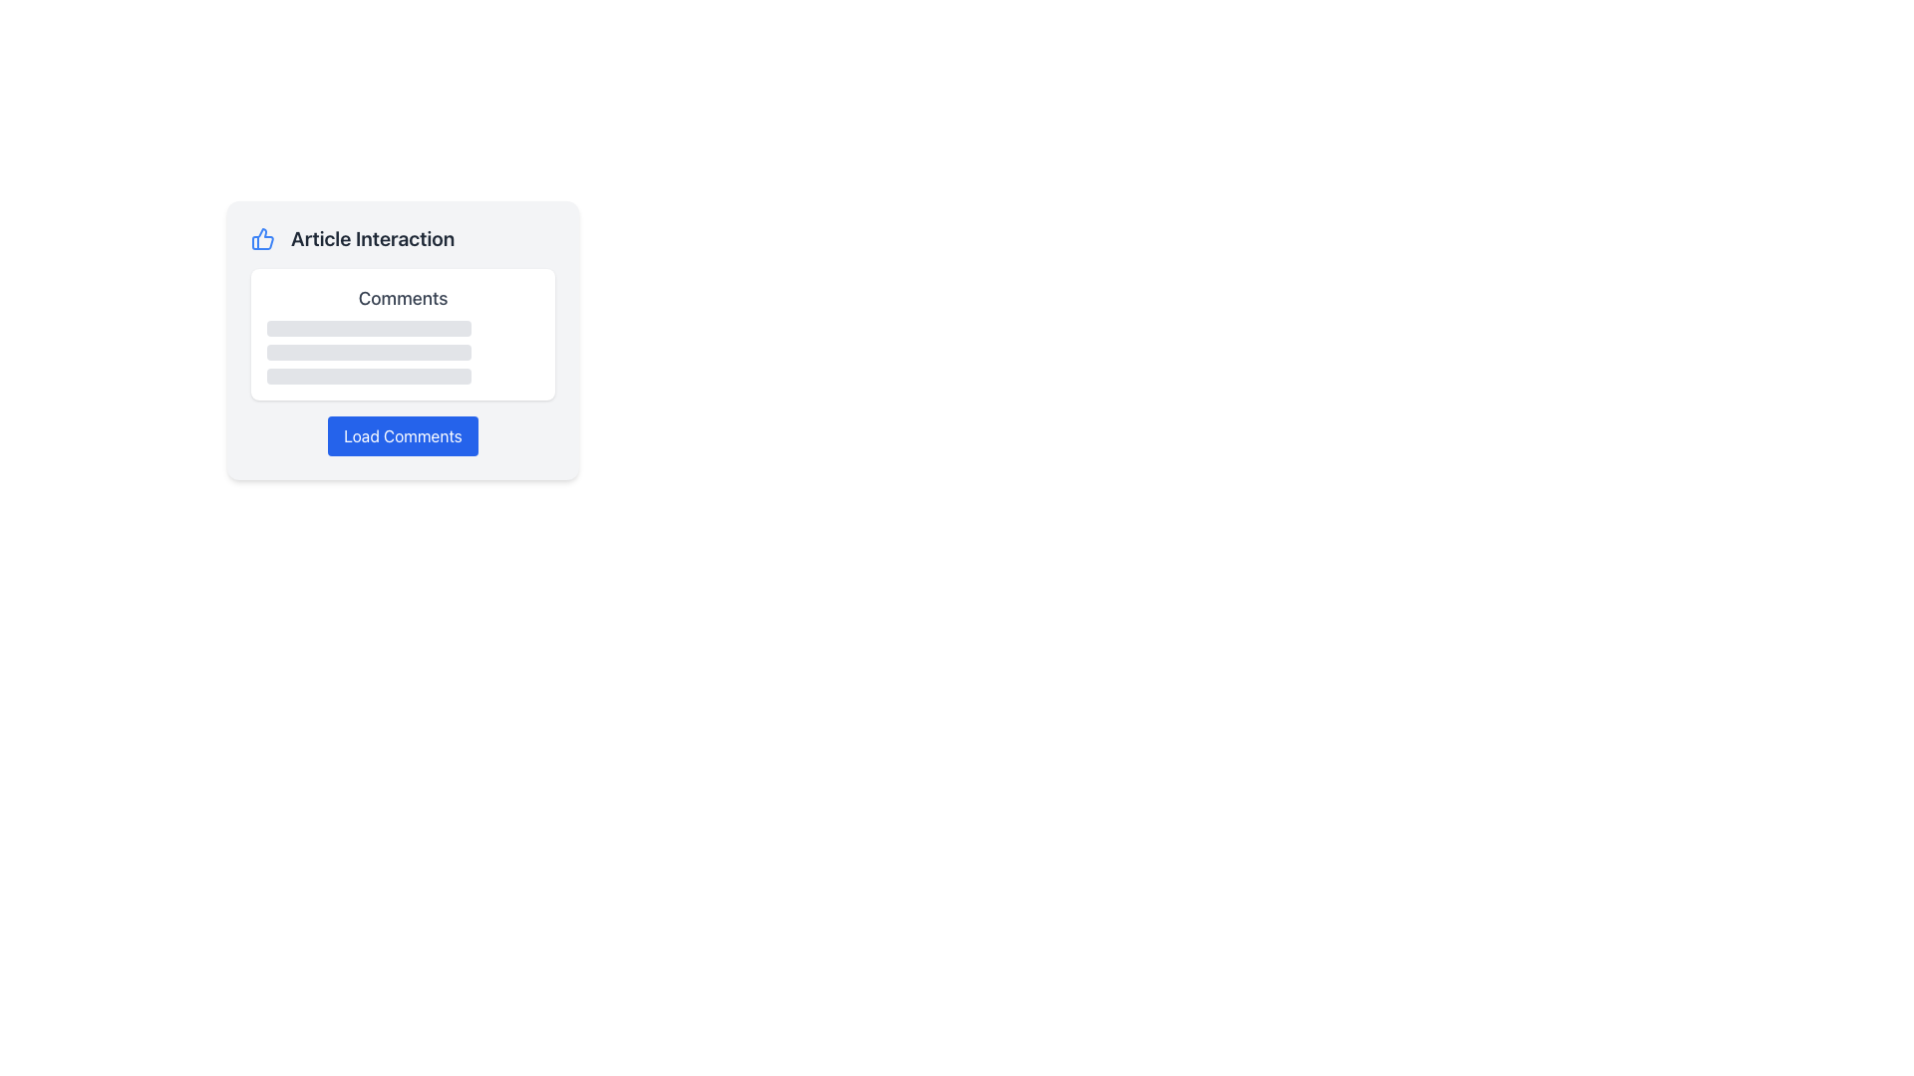  Describe the element at coordinates (369, 328) in the screenshot. I see `the first rectangular element serving as a visual indicator for content loading or progress state` at that location.